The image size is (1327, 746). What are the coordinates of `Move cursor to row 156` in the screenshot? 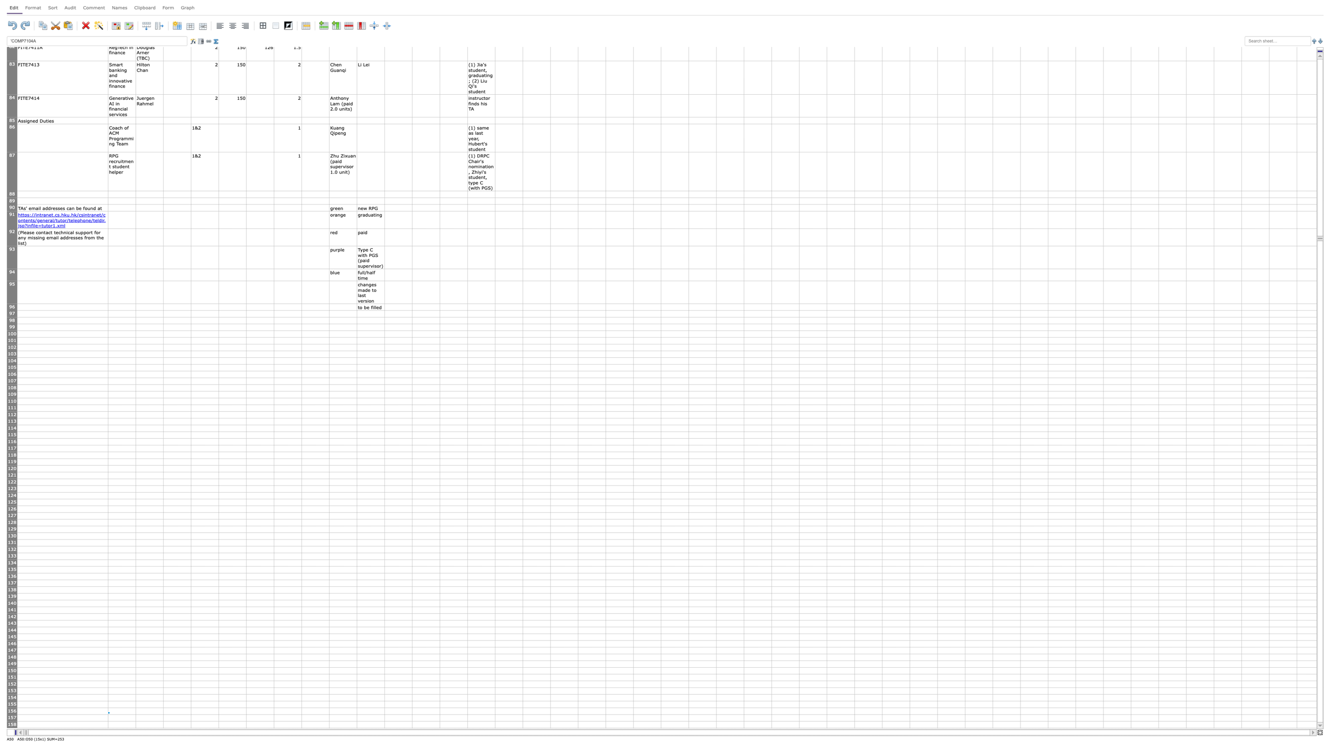 It's located at (12, 711).